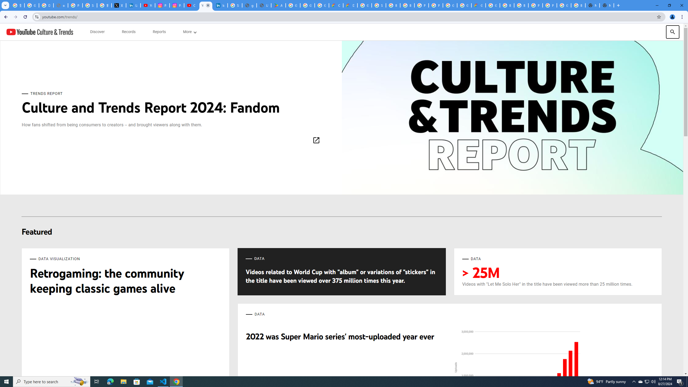 Image resolution: width=688 pixels, height=387 pixels. Describe the element at coordinates (75, 5) in the screenshot. I see `'Privacy Help Center - Policies Help'` at that location.